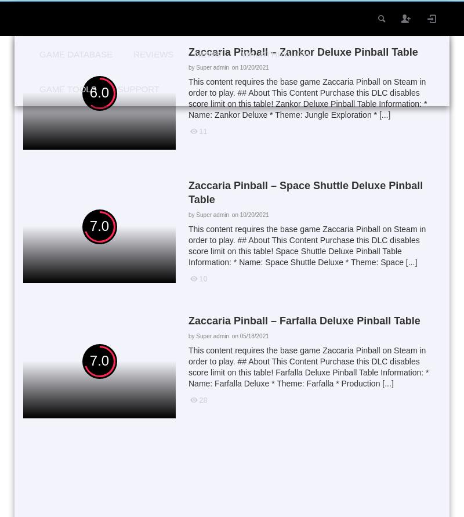 The height and width of the screenshot is (517, 464). I want to click on 'This content requires the base game Zaccaria Pinball on Steam in order to play. ## About This Content Purchase this DLC disables score limit on this table! Space Shuttle Deluxe Pinball Table Information: * Name: Space Shuttle Deluxe * Theme: Space [...]', so click(306, 245).